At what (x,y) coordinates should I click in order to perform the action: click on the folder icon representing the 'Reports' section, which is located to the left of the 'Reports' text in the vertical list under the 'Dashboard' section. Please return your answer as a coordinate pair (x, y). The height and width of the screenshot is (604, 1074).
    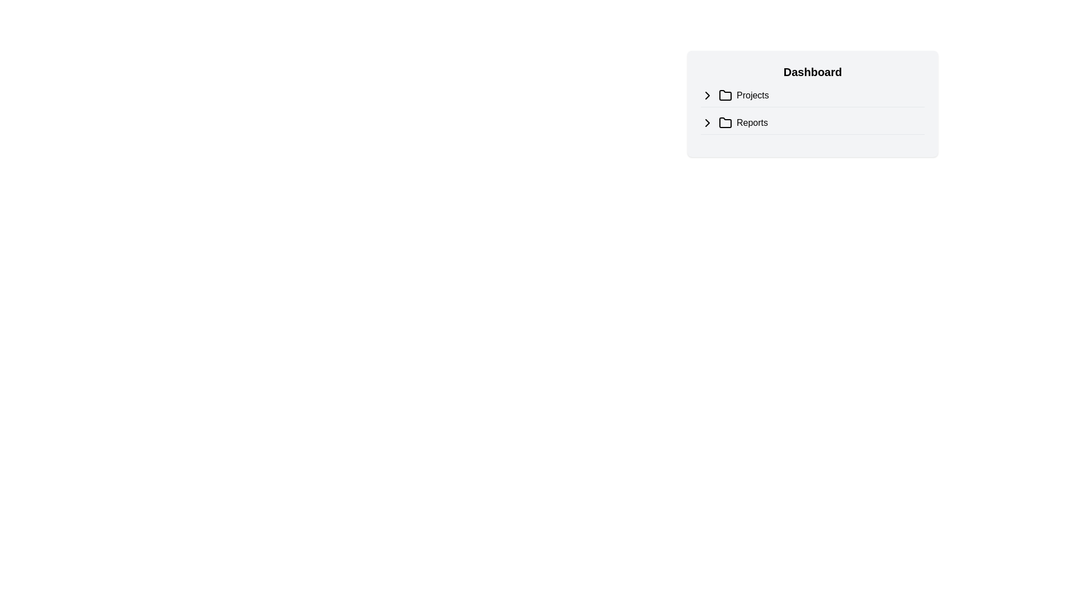
    Looking at the image, I should click on (725, 122).